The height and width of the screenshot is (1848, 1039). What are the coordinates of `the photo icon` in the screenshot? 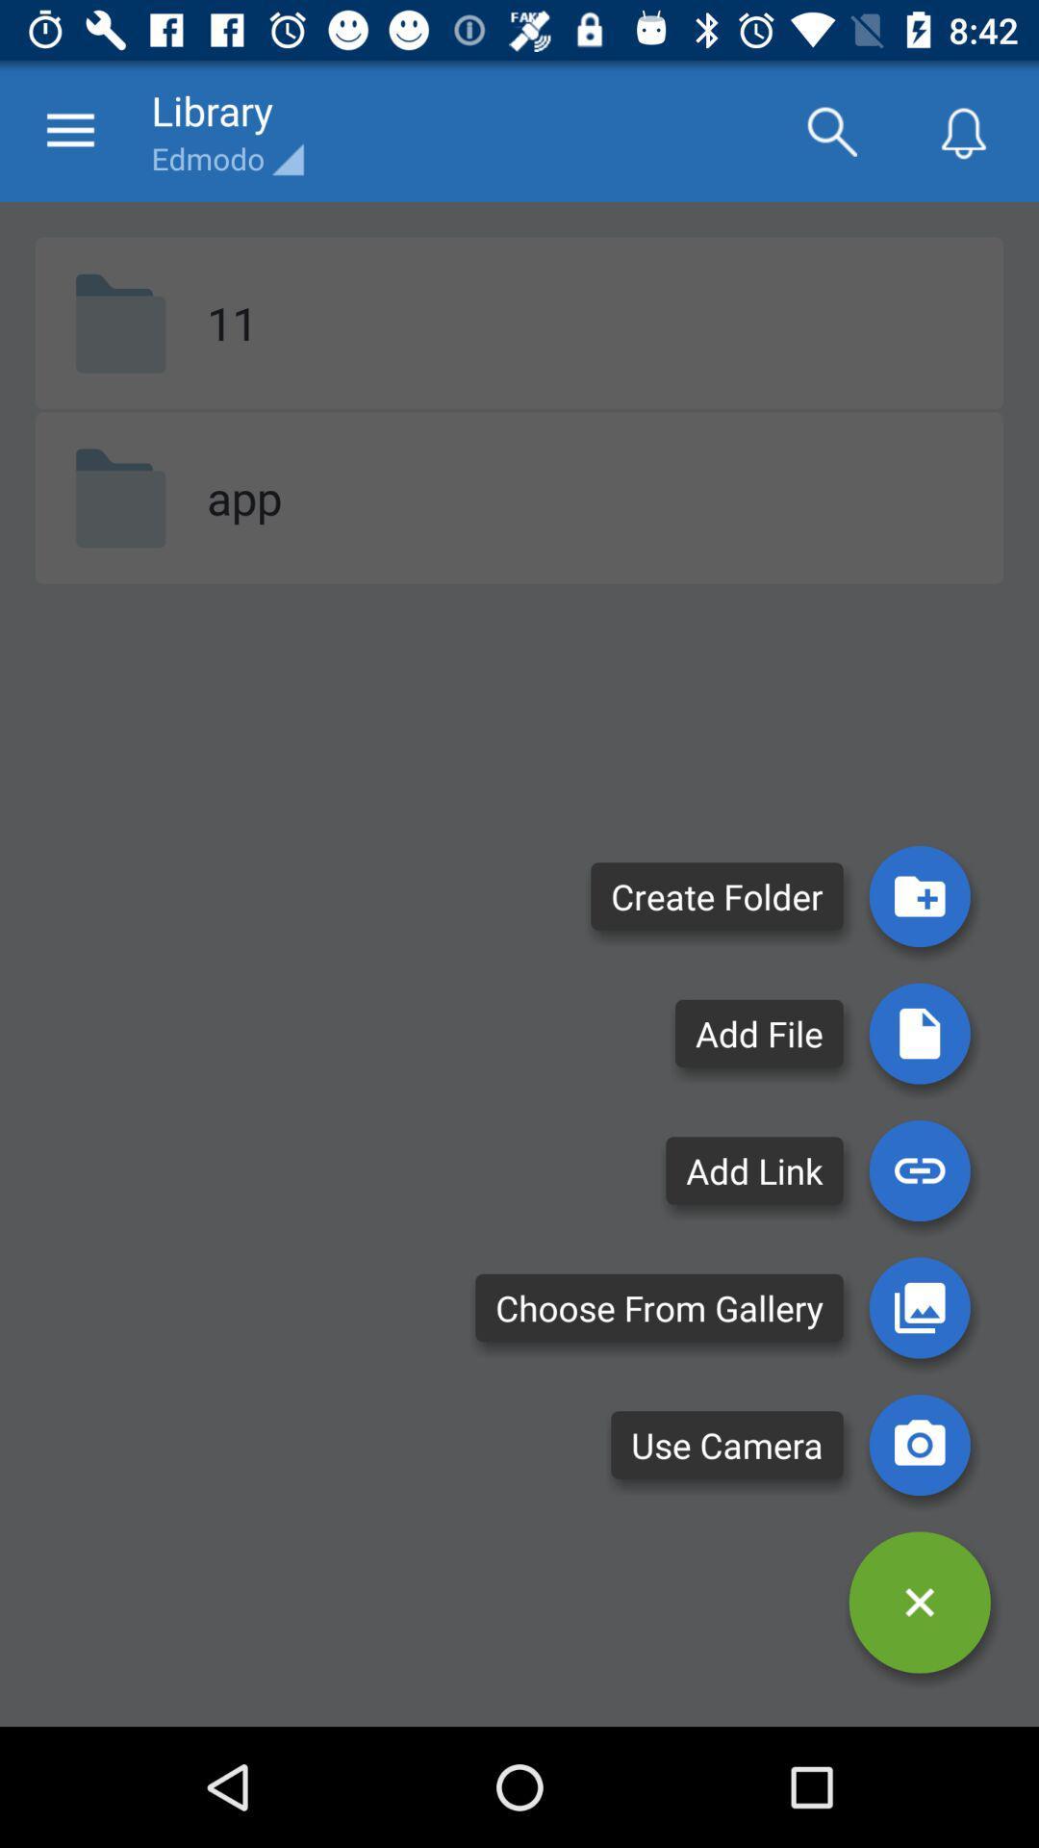 It's located at (919, 1445).